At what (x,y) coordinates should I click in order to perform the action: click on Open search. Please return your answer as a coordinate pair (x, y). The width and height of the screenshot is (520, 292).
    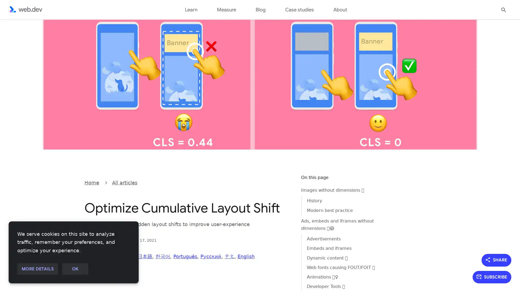
    Looking at the image, I should click on (503, 9).